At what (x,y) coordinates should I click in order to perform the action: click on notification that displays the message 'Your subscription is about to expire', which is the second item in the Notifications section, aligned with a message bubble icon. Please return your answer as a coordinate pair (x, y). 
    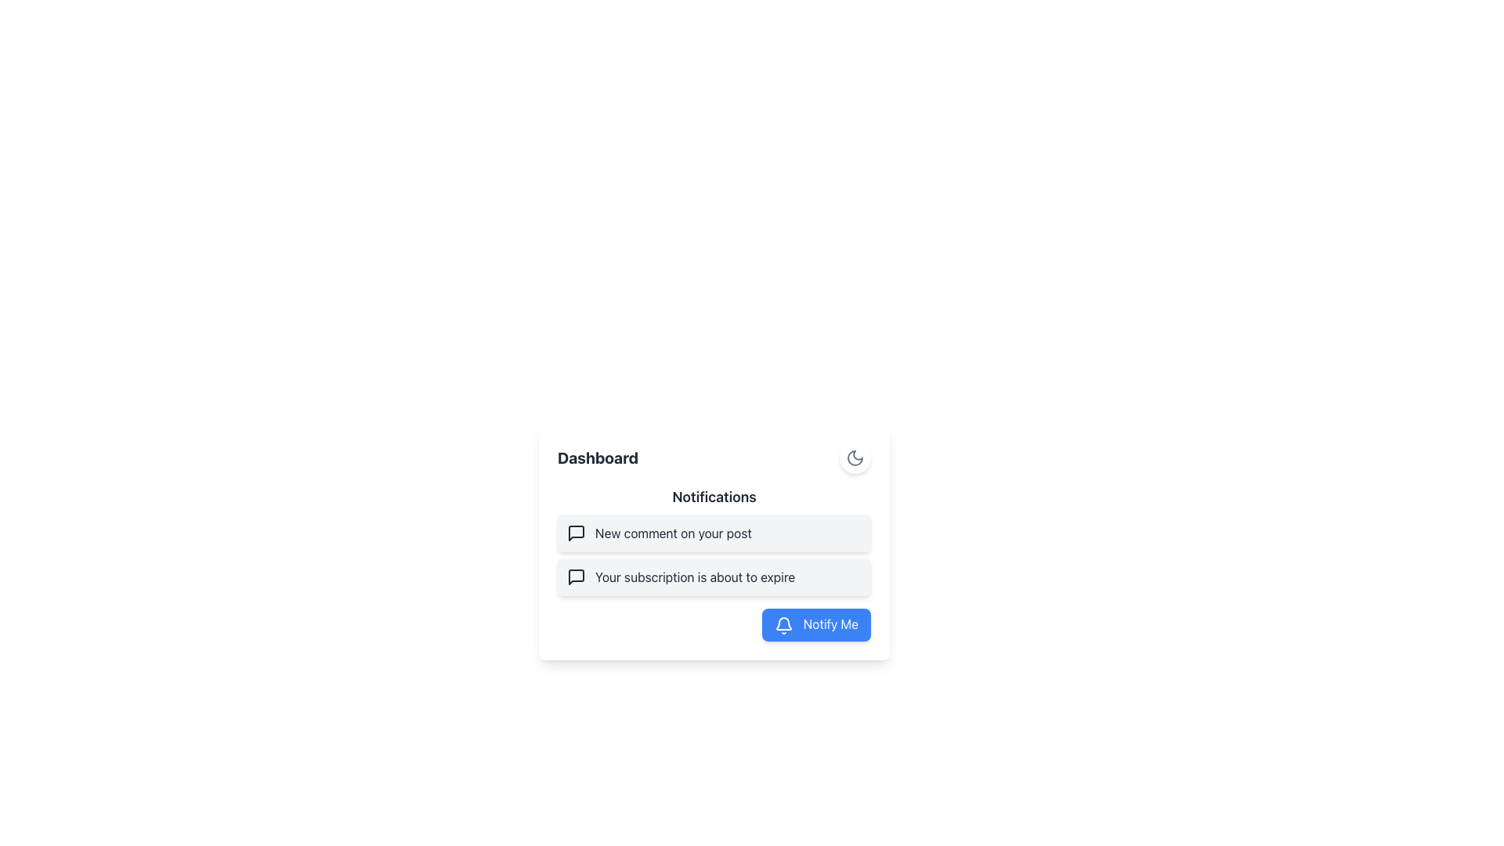
    Looking at the image, I should click on (694, 577).